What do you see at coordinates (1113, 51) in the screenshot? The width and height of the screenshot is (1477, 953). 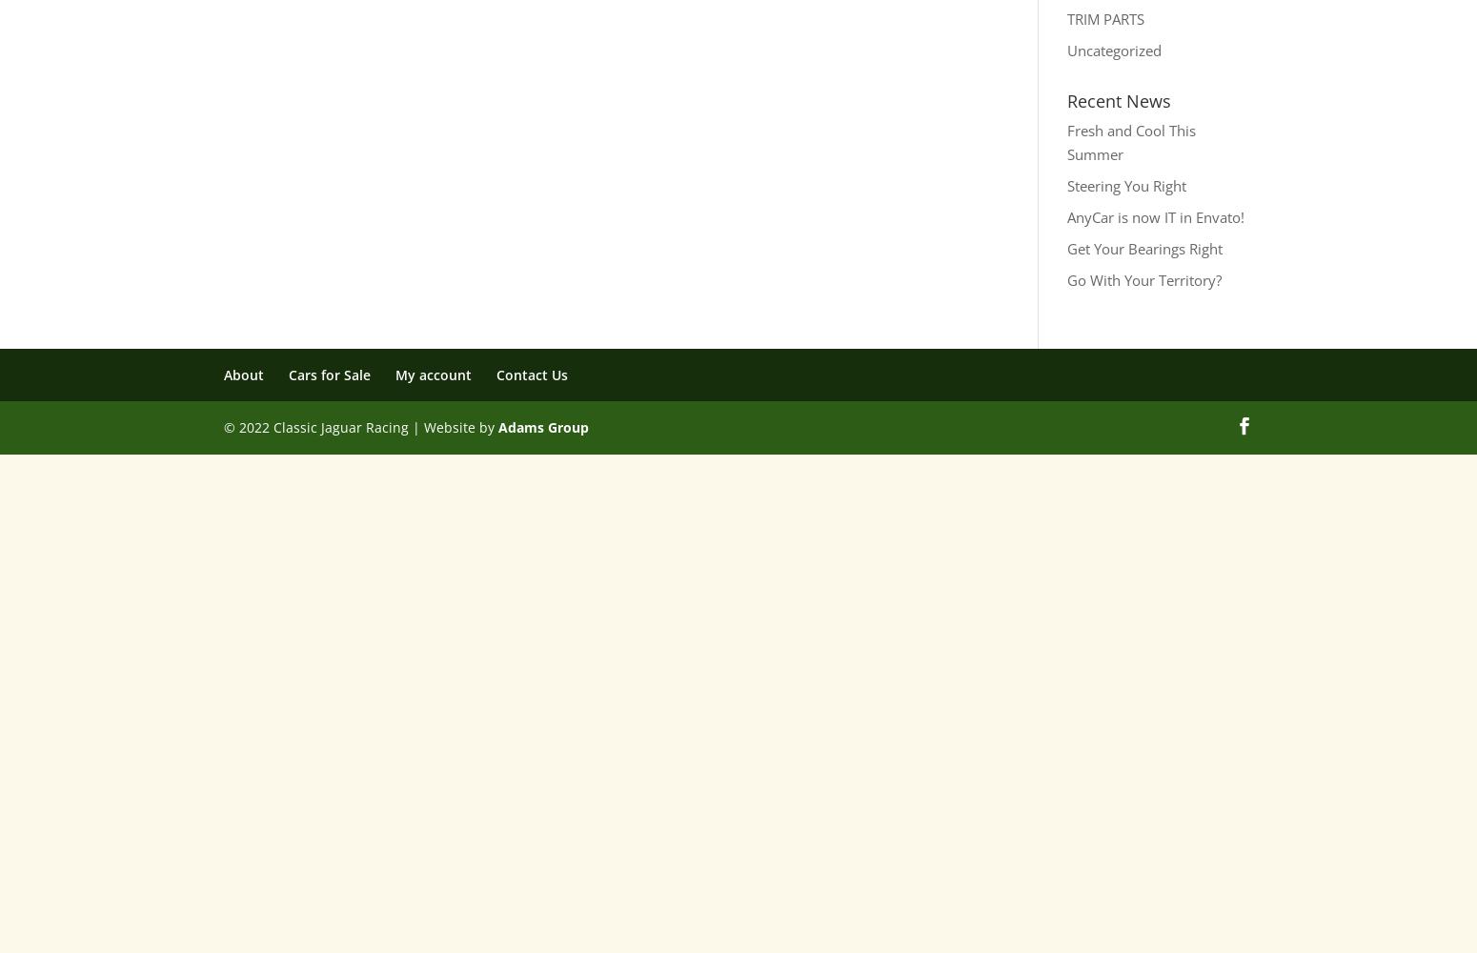 I see `'Uncategorized'` at bounding box center [1113, 51].